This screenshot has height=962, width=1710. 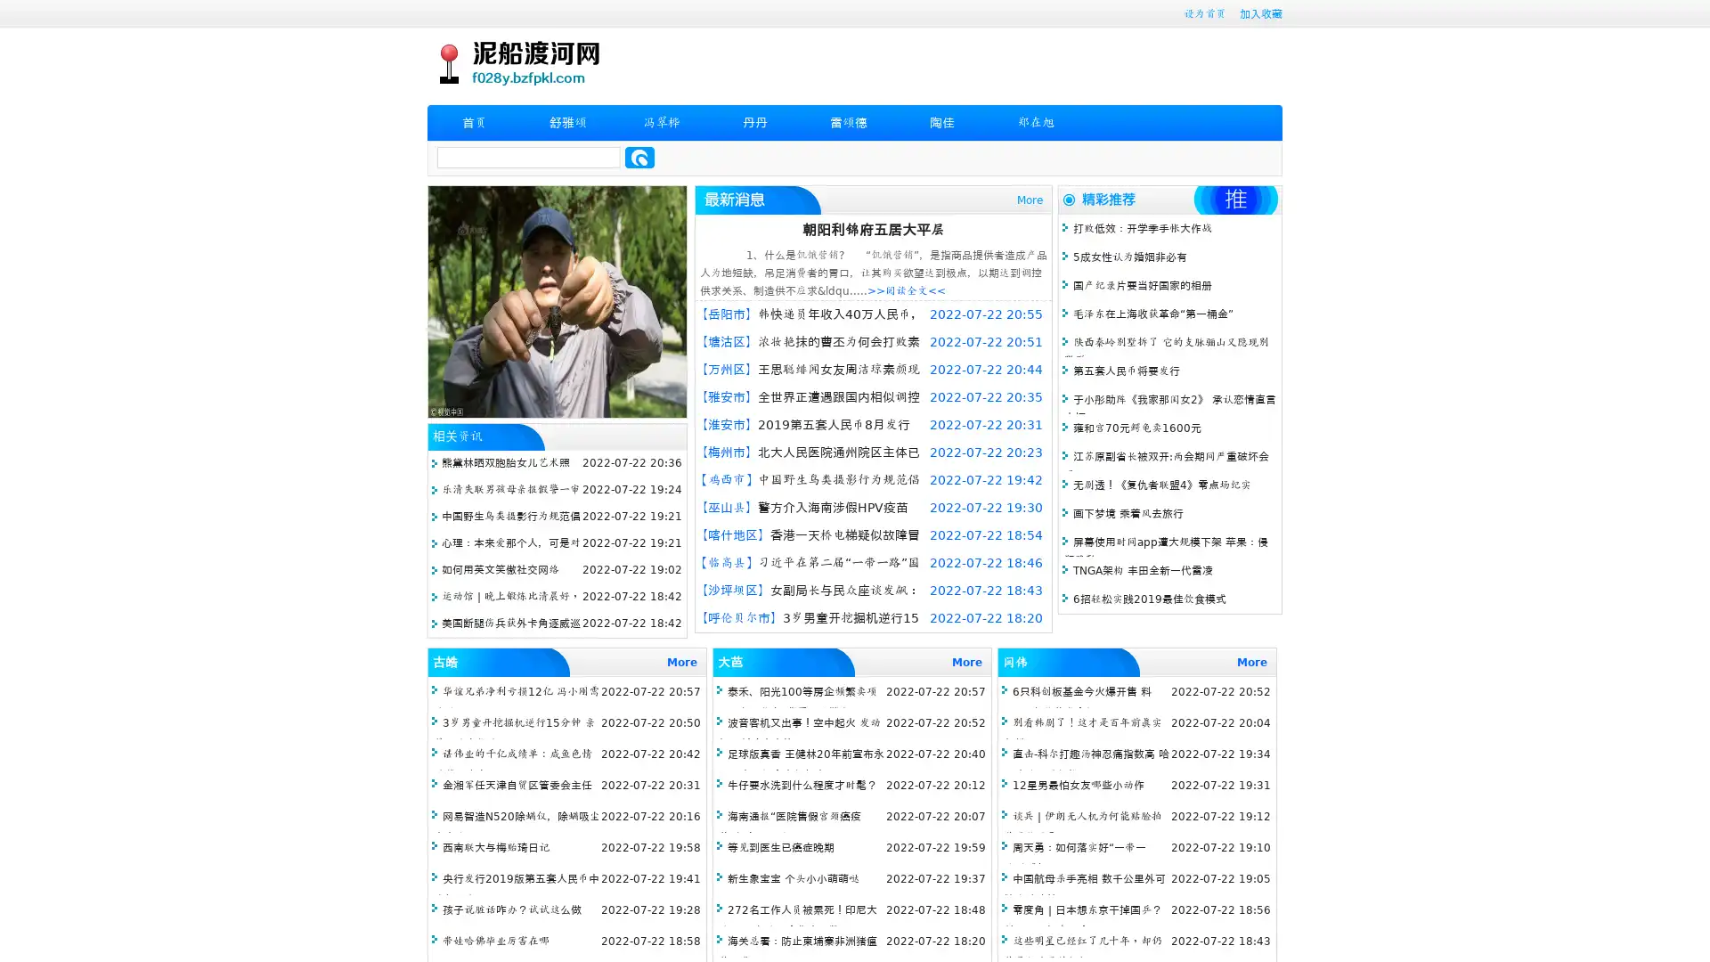 What do you see at coordinates (639, 157) in the screenshot?
I see `Search` at bounding box center [639, 157].